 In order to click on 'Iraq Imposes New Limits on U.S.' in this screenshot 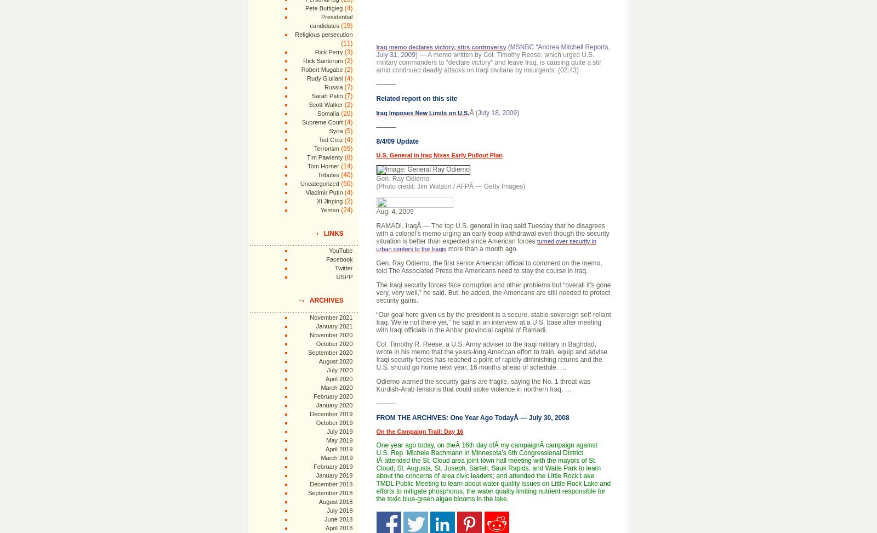, I will do `click(423, 112)`.